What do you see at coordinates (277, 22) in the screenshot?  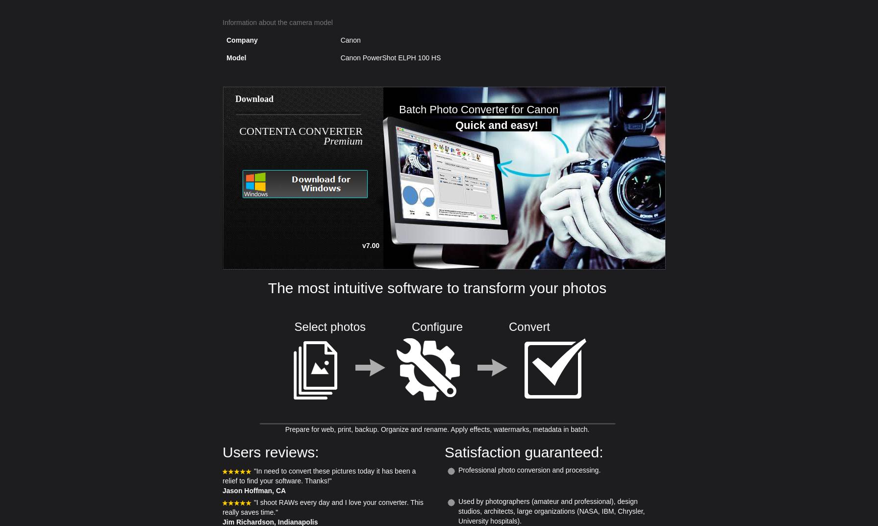 I see `'Information about the camera model'` at bounding box center [277, 22].